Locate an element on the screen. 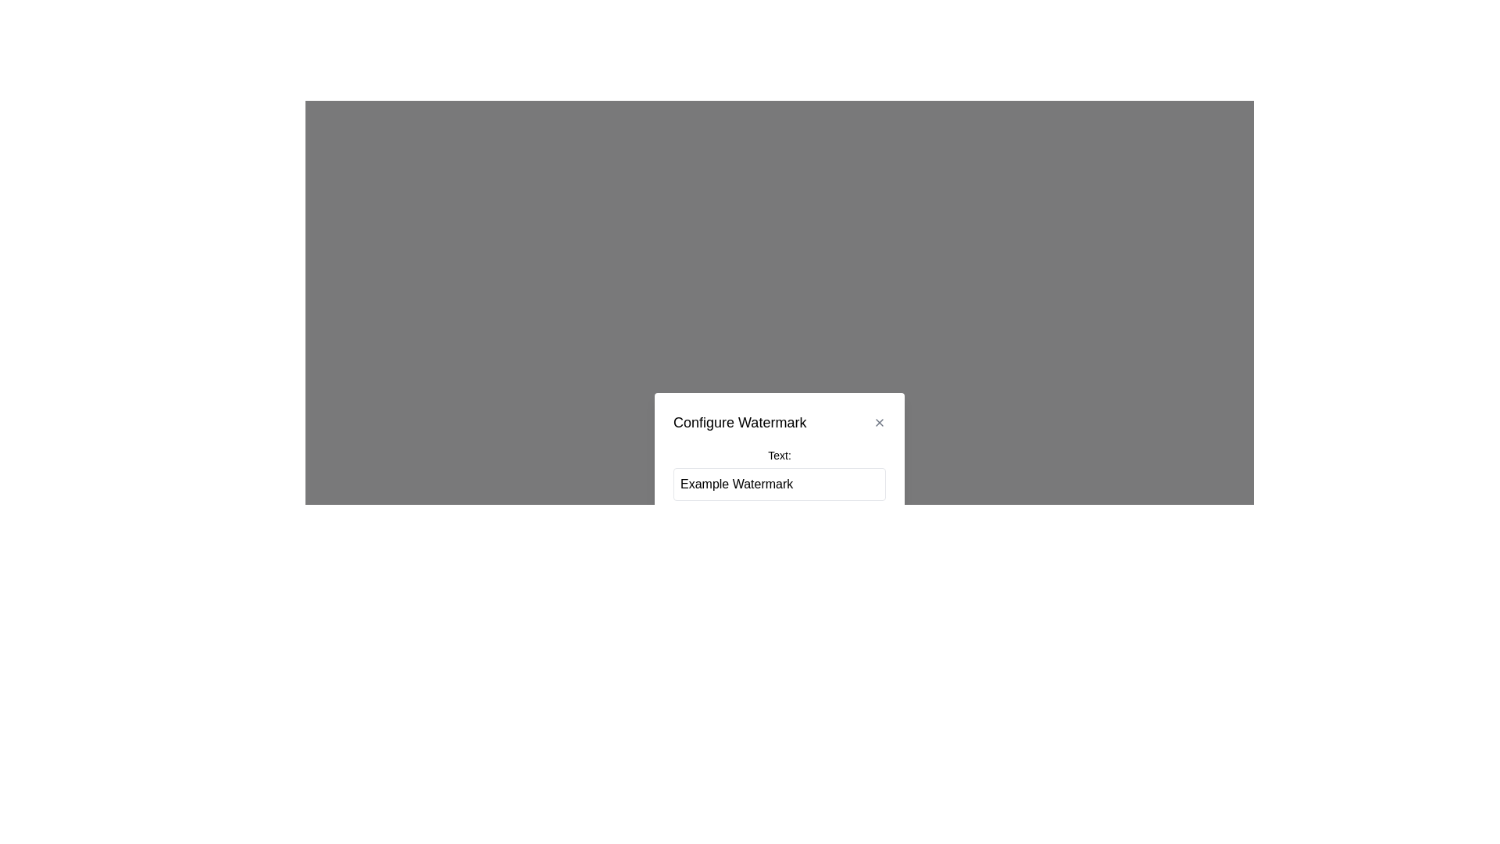 The height and width of the screenshot is (844, 1500). the label that describes the input field below it, which is centrally aligned in the modal dialog box is located at coordinates (780, 455).